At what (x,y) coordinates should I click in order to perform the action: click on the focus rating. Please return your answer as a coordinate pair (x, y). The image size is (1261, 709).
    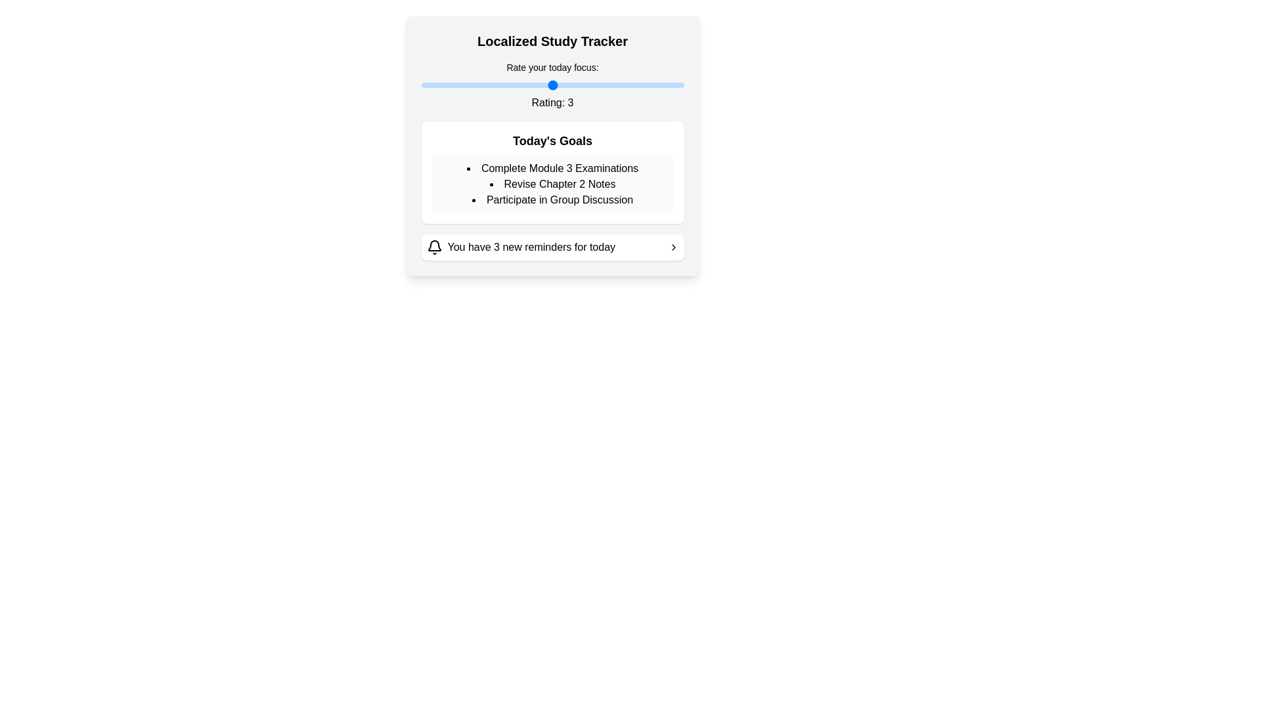
    Looking at the image, I should click on (486, 85).